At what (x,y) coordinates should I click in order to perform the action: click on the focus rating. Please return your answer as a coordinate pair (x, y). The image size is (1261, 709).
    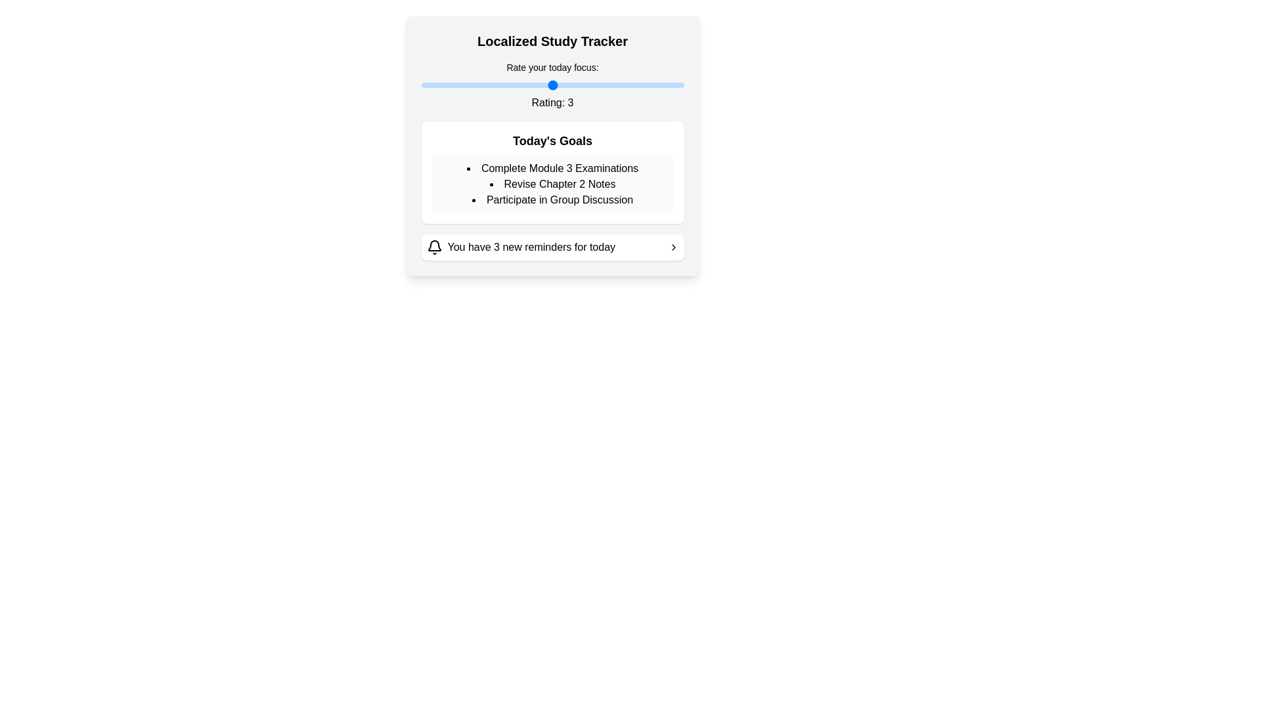
    Looking at the image, I should click on (486, 85).